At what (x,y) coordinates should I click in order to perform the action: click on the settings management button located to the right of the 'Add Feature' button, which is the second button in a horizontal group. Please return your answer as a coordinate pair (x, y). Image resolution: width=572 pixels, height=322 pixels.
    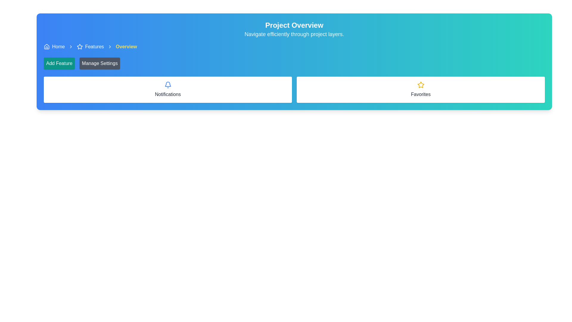
    Looking at the image, I should click on (100, 63).